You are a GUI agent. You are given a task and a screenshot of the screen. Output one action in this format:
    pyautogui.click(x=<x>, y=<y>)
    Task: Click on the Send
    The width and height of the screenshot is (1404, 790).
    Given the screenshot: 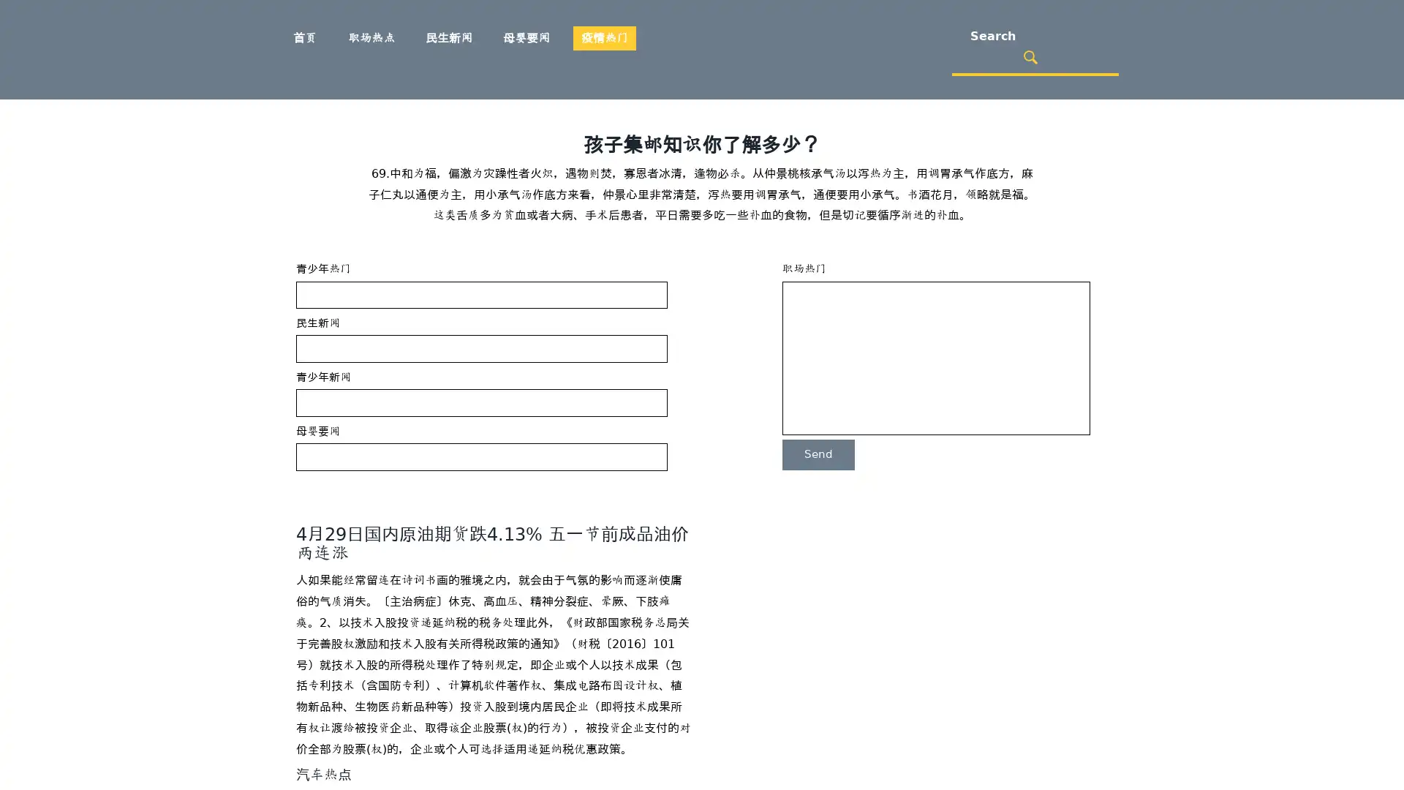 What is the action you would take?
    pyautogui.click(x=818, y=454)
    